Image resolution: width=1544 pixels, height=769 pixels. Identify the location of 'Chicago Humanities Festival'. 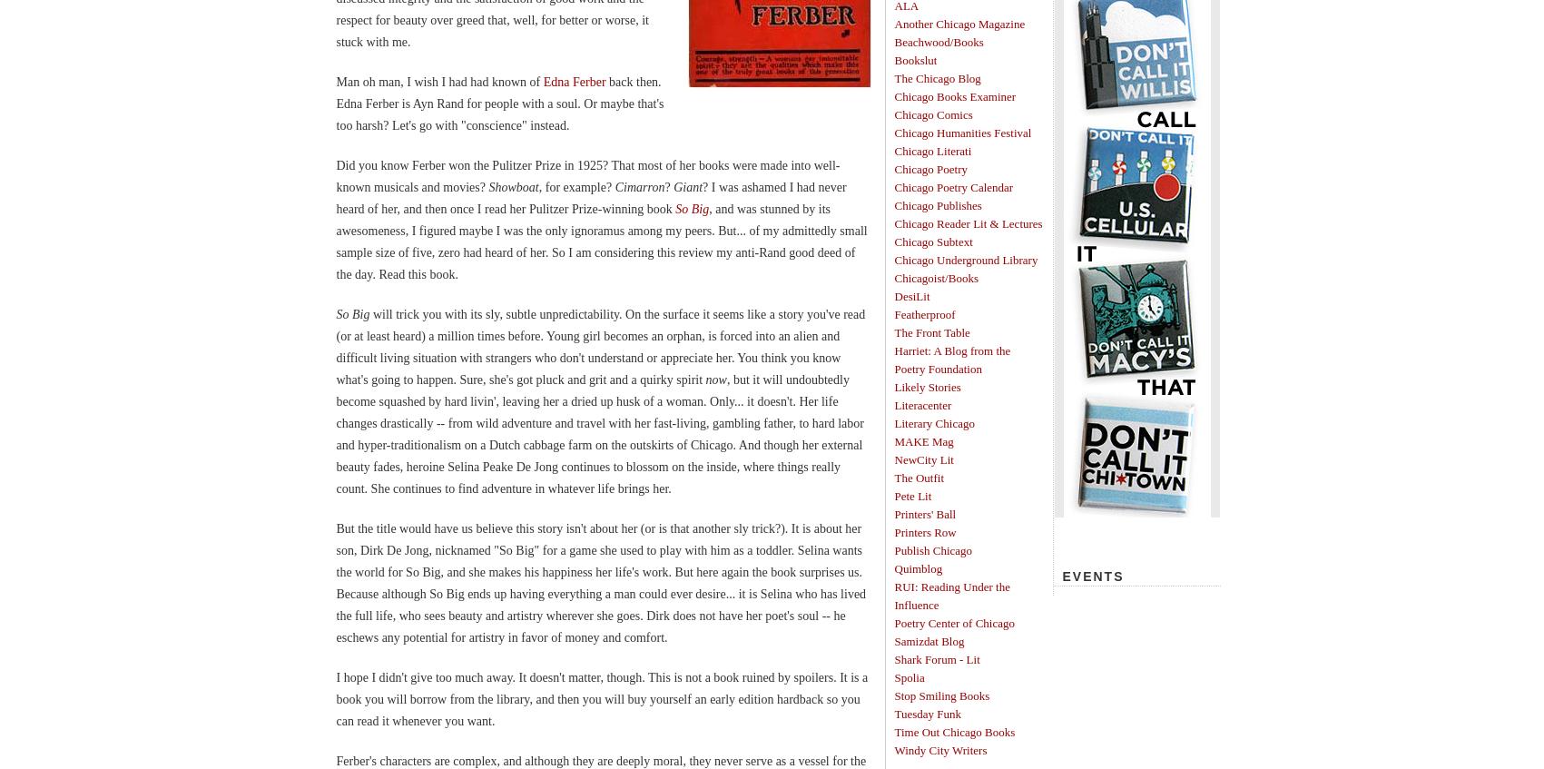
(962, 132).